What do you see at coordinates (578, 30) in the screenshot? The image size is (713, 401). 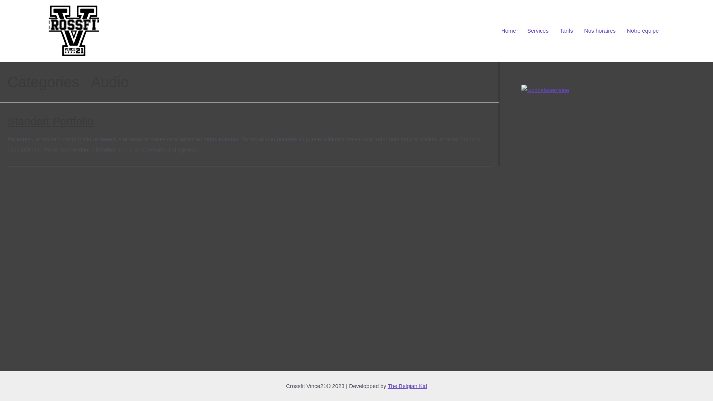 I see `'Nos horaires'` at bounding box center [578, 30].